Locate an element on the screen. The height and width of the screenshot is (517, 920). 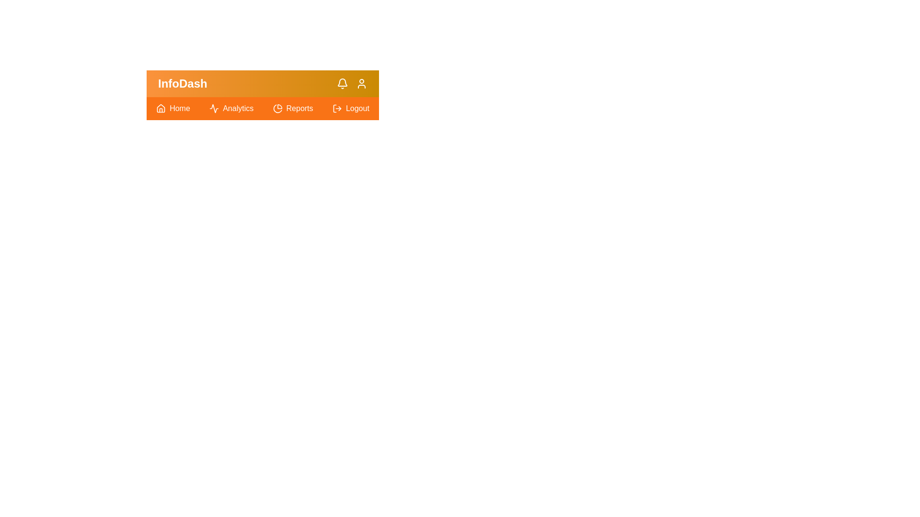
the 'Logout' link to log out is located at coordinates (350, 108).